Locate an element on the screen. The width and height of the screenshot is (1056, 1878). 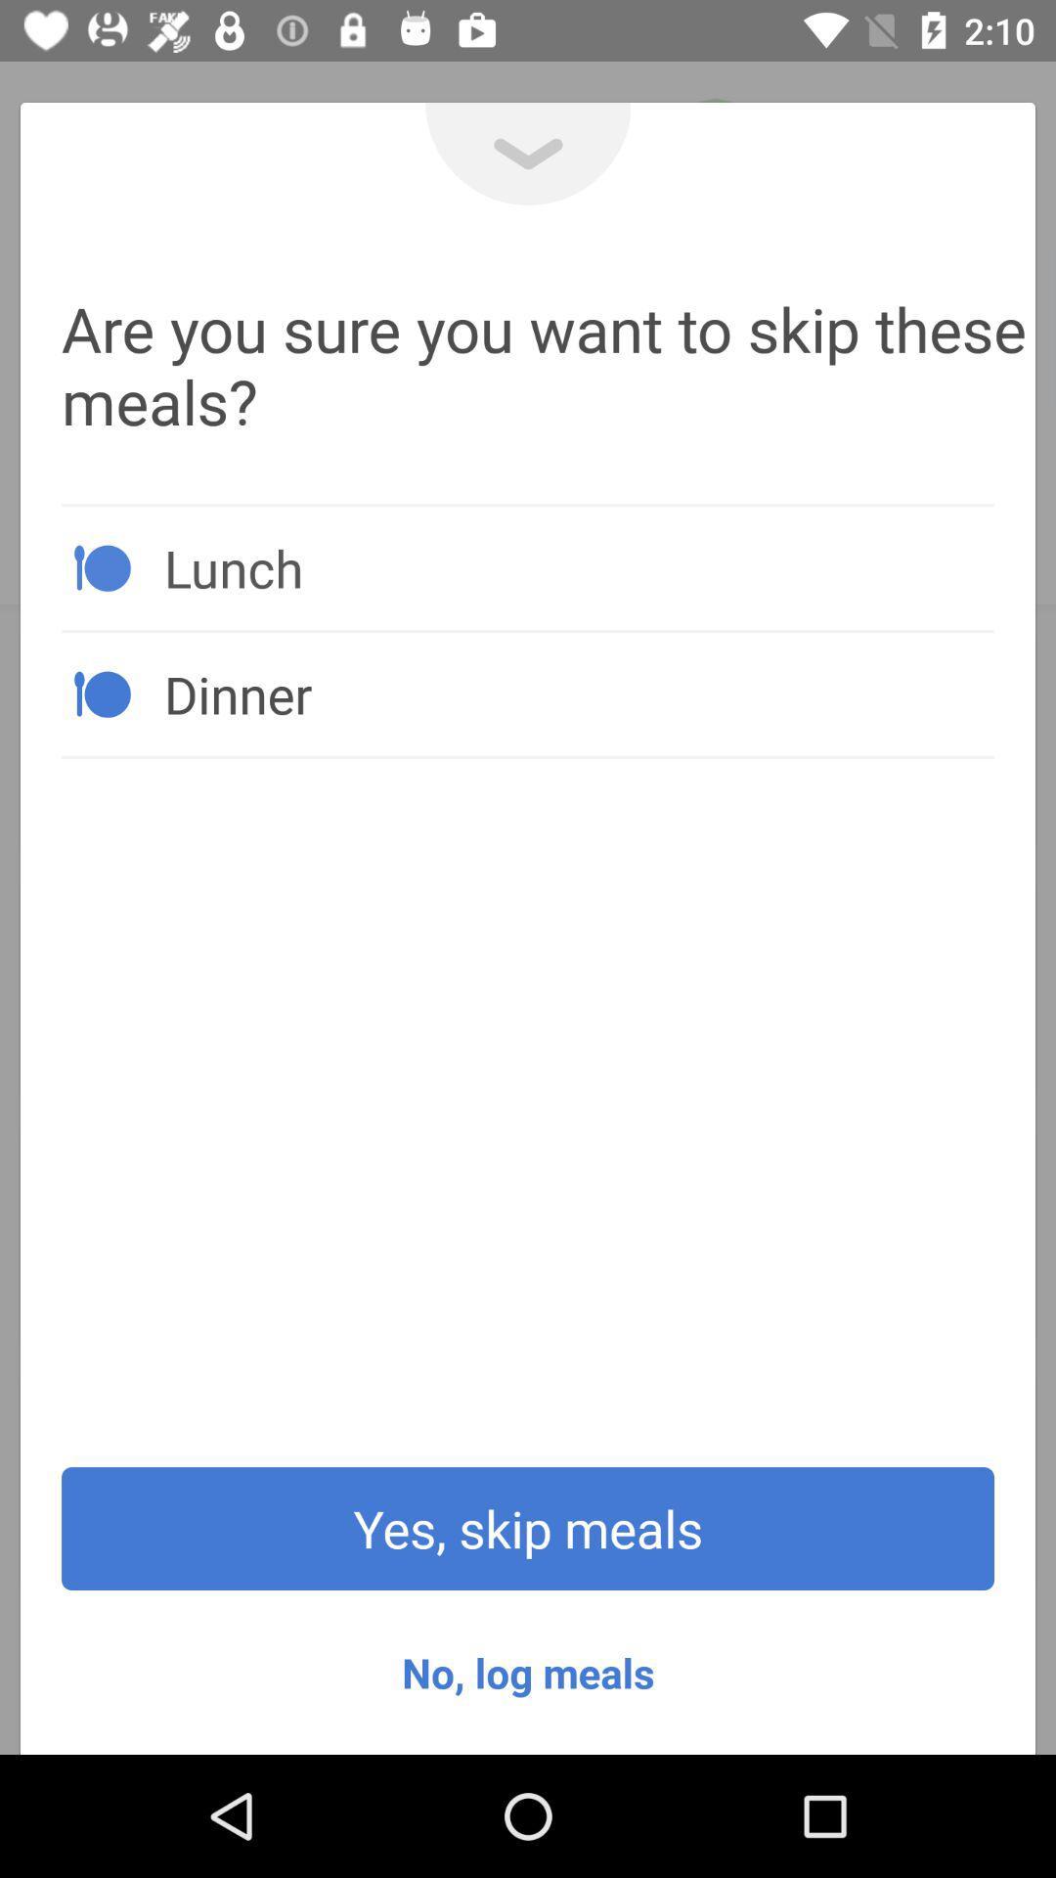
the item below lunch item is located at coordinates (578, 693).